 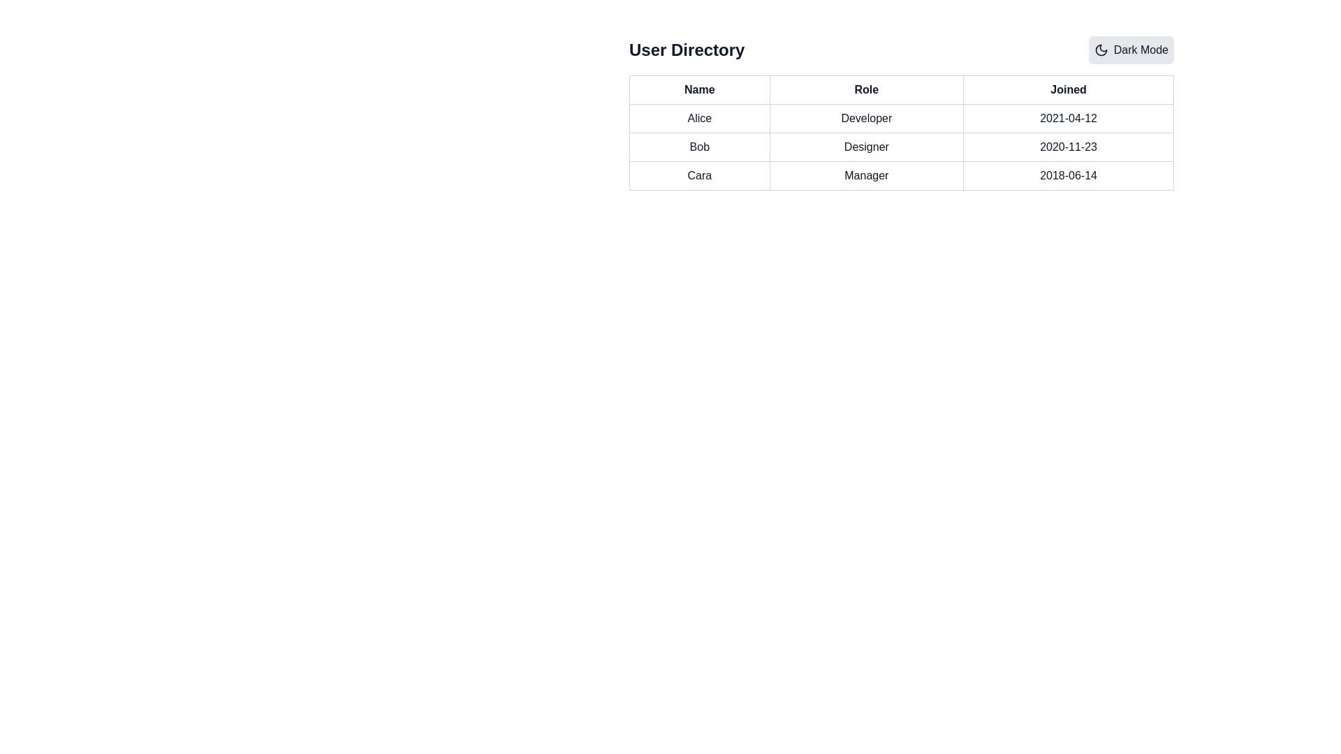 I want to click on on the third row of the user details table, so click(x=902, y=175).